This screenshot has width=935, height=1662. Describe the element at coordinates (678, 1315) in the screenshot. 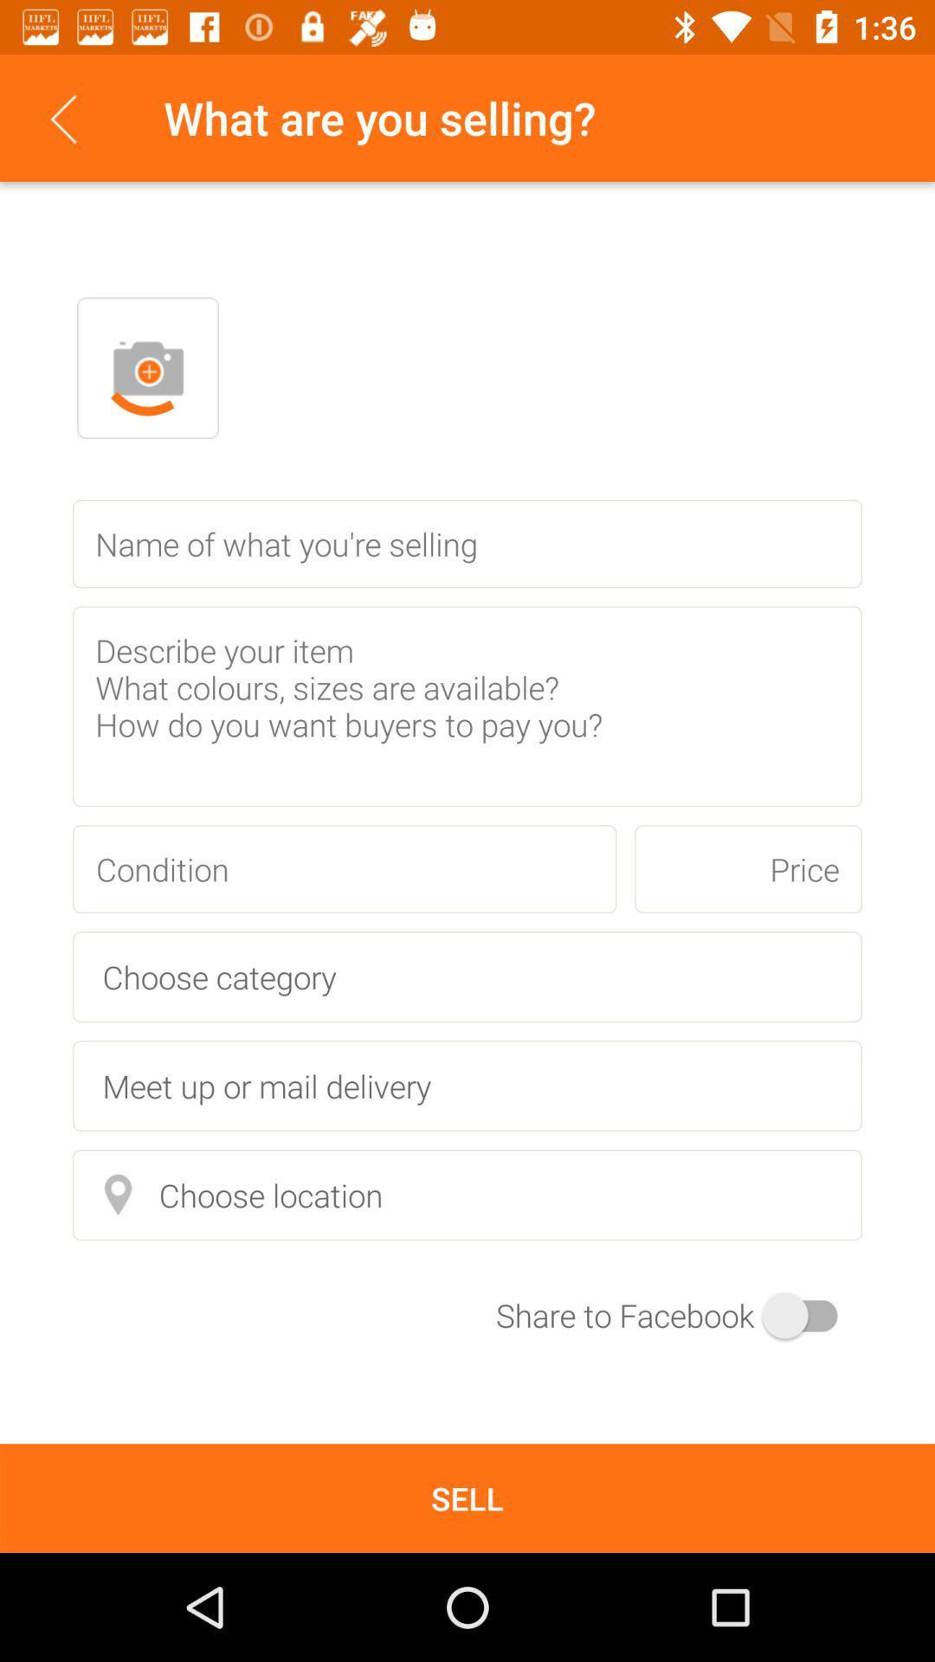

I see `the item at the bottom right corner` at that location.